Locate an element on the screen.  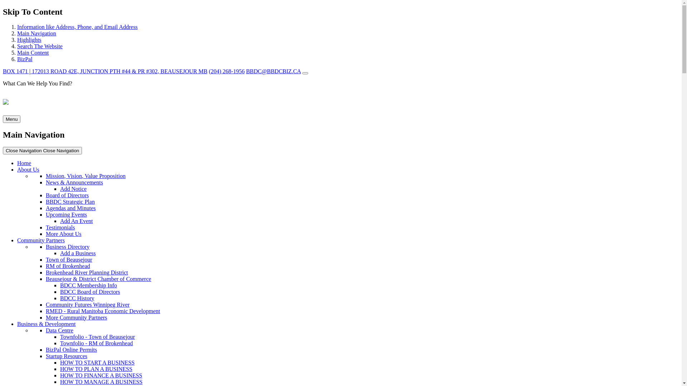
'News & Announcements' is located at coordinates (74, 182).